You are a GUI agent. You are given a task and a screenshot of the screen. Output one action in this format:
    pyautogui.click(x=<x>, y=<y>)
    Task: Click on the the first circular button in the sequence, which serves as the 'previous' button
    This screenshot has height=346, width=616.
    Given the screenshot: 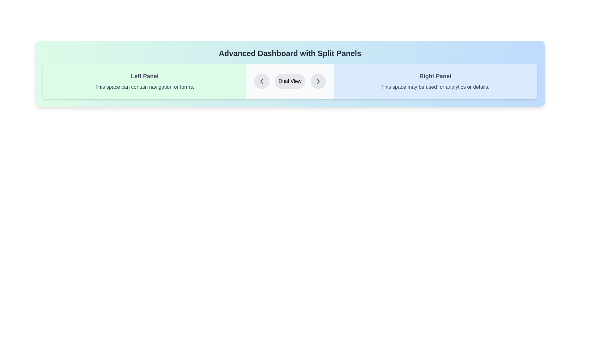 What is the action you would take?
    pyautogui.click(x=262, y=81)
    